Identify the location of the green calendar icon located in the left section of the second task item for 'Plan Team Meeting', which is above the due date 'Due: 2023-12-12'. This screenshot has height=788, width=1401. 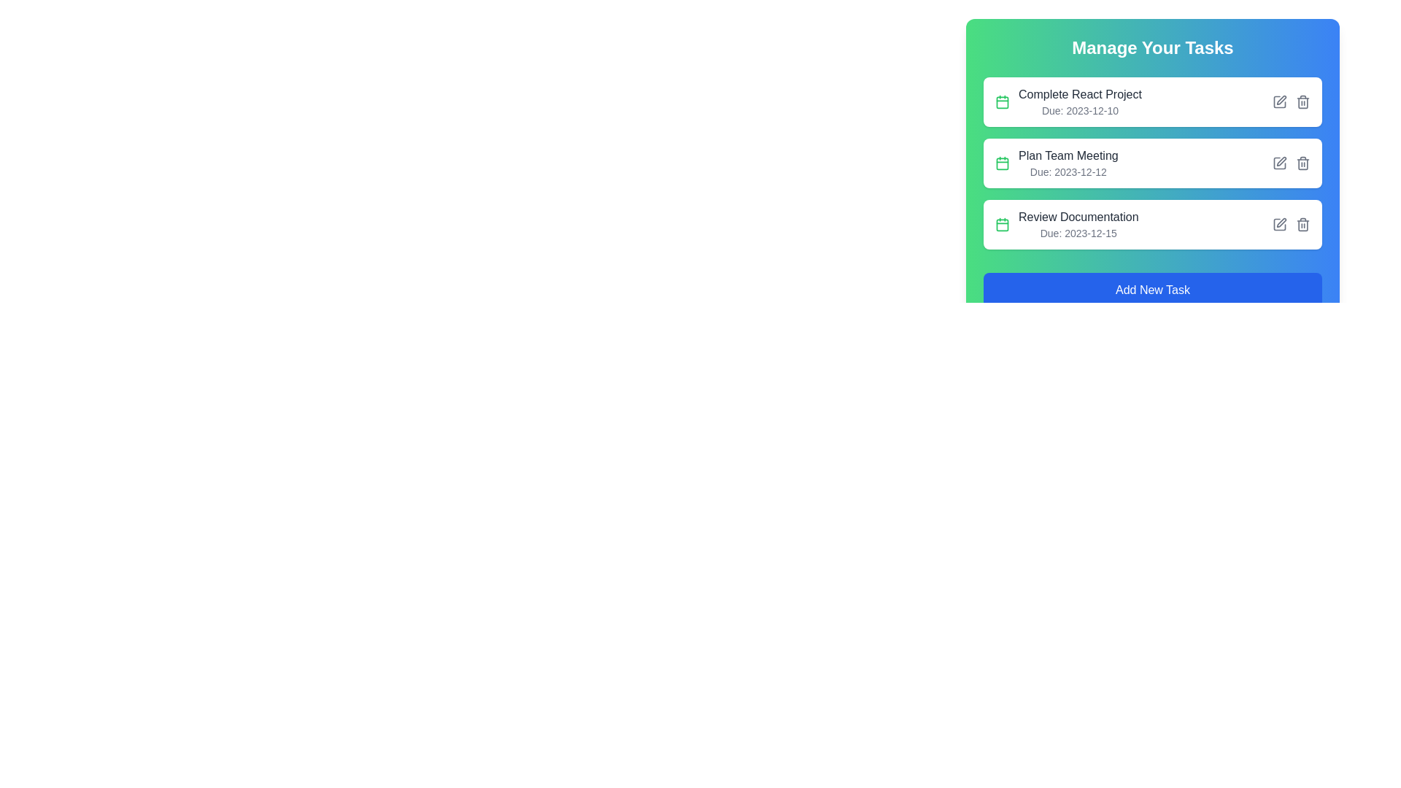
(1001, 163).